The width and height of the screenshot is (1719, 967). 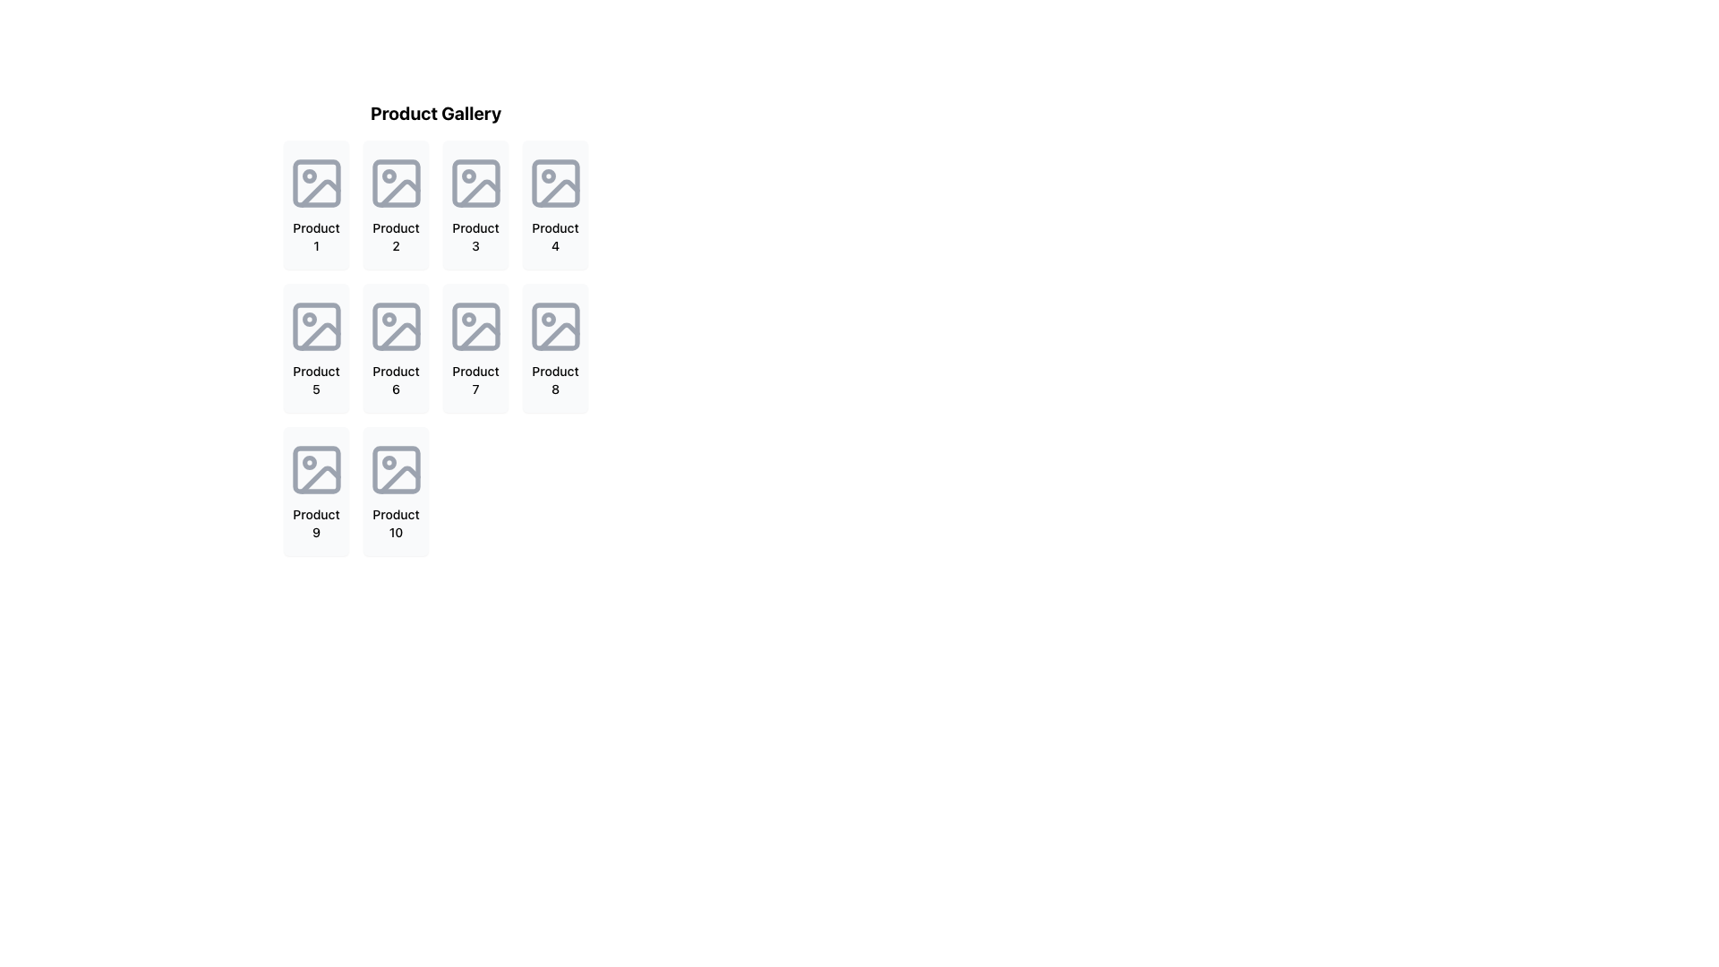 I want to click on the decorative vector graphic element of the 'Product 9' icon, located in the bottom row of the grid layout, so click(x=316, y=468).